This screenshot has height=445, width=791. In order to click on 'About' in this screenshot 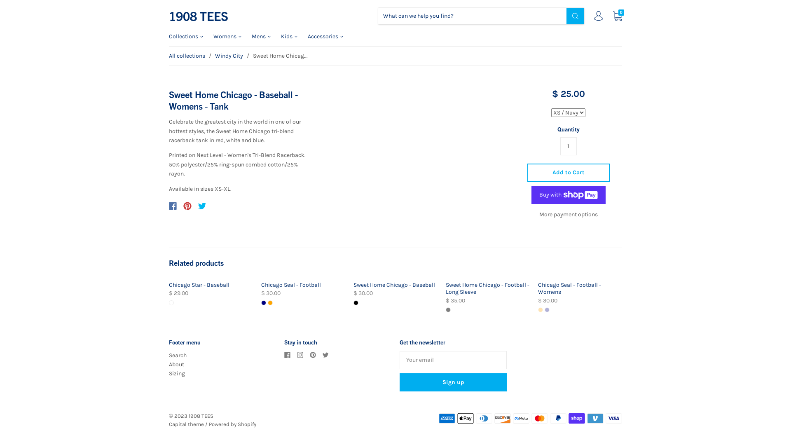, I will do `click(176, 364)`.